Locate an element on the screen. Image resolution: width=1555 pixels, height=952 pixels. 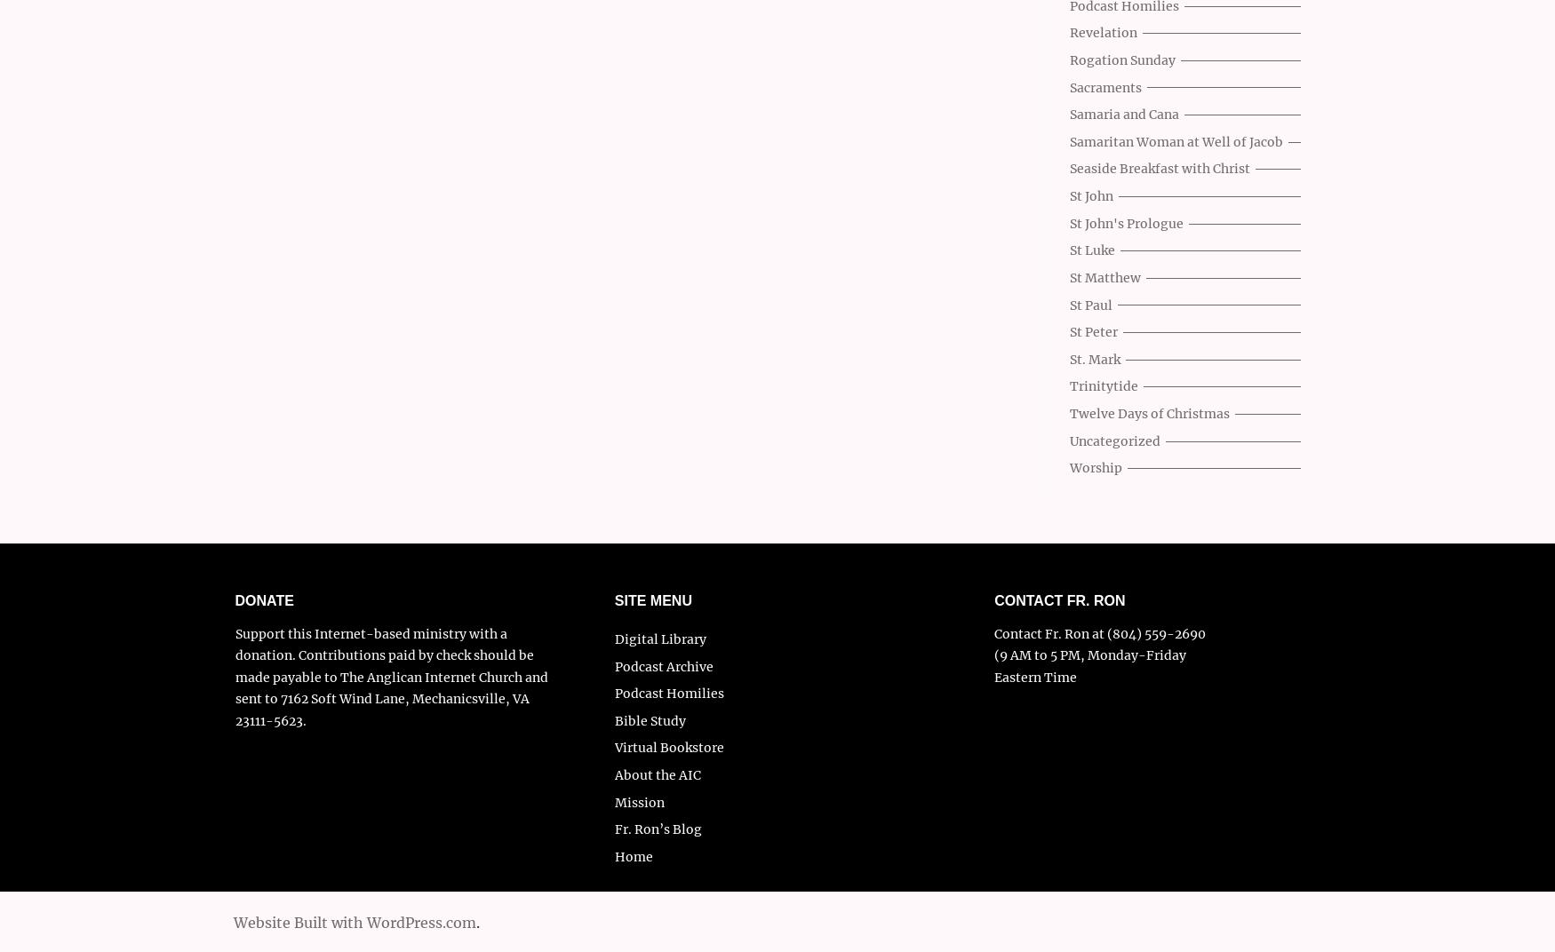
'St Peter' is located at coordinates (1093, 332).